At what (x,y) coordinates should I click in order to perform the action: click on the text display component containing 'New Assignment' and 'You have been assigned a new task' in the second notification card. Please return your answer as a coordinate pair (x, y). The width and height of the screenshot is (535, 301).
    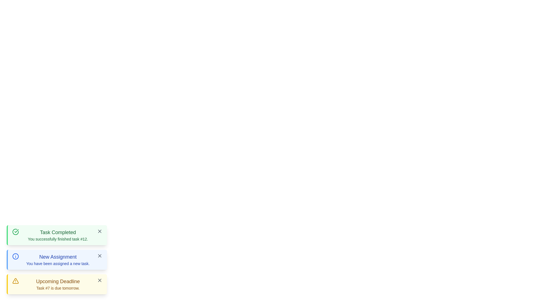
    Looking at the image, I should click on (58, 260).